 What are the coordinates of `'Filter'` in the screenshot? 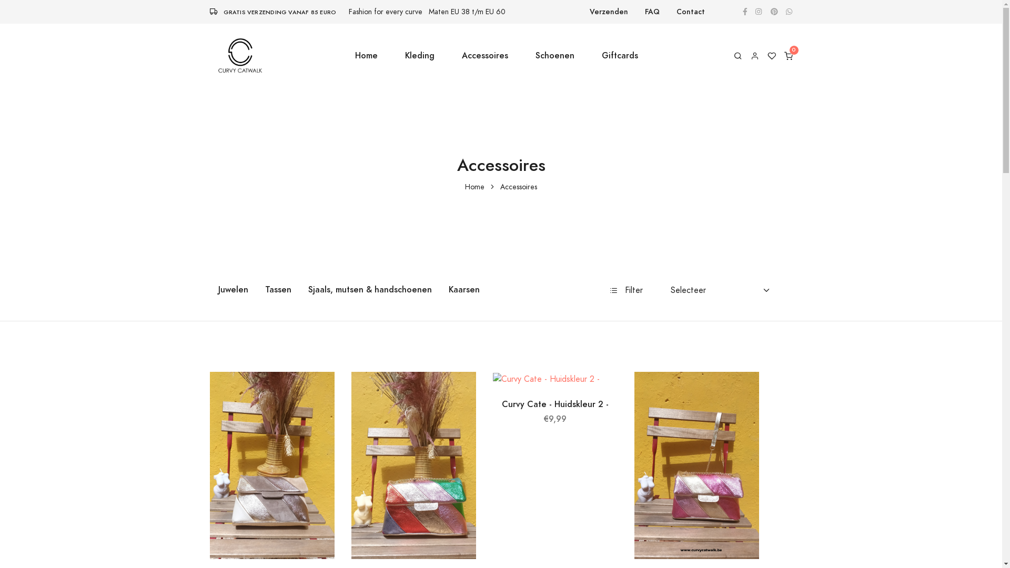 It's located at (627, 290).